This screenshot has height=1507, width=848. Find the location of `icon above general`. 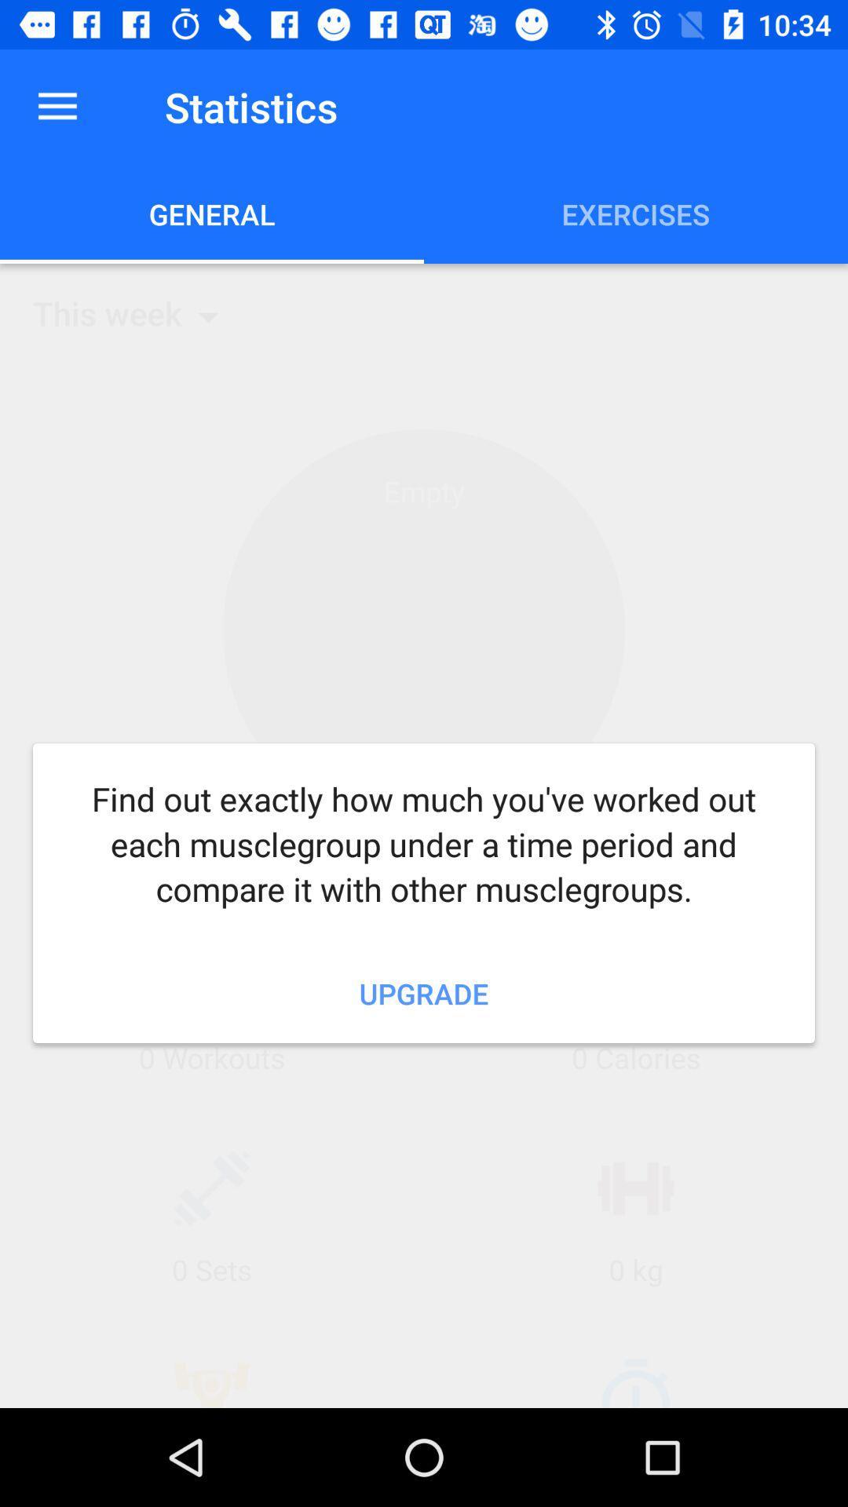

icon above general is located at coordinates (57, 106).